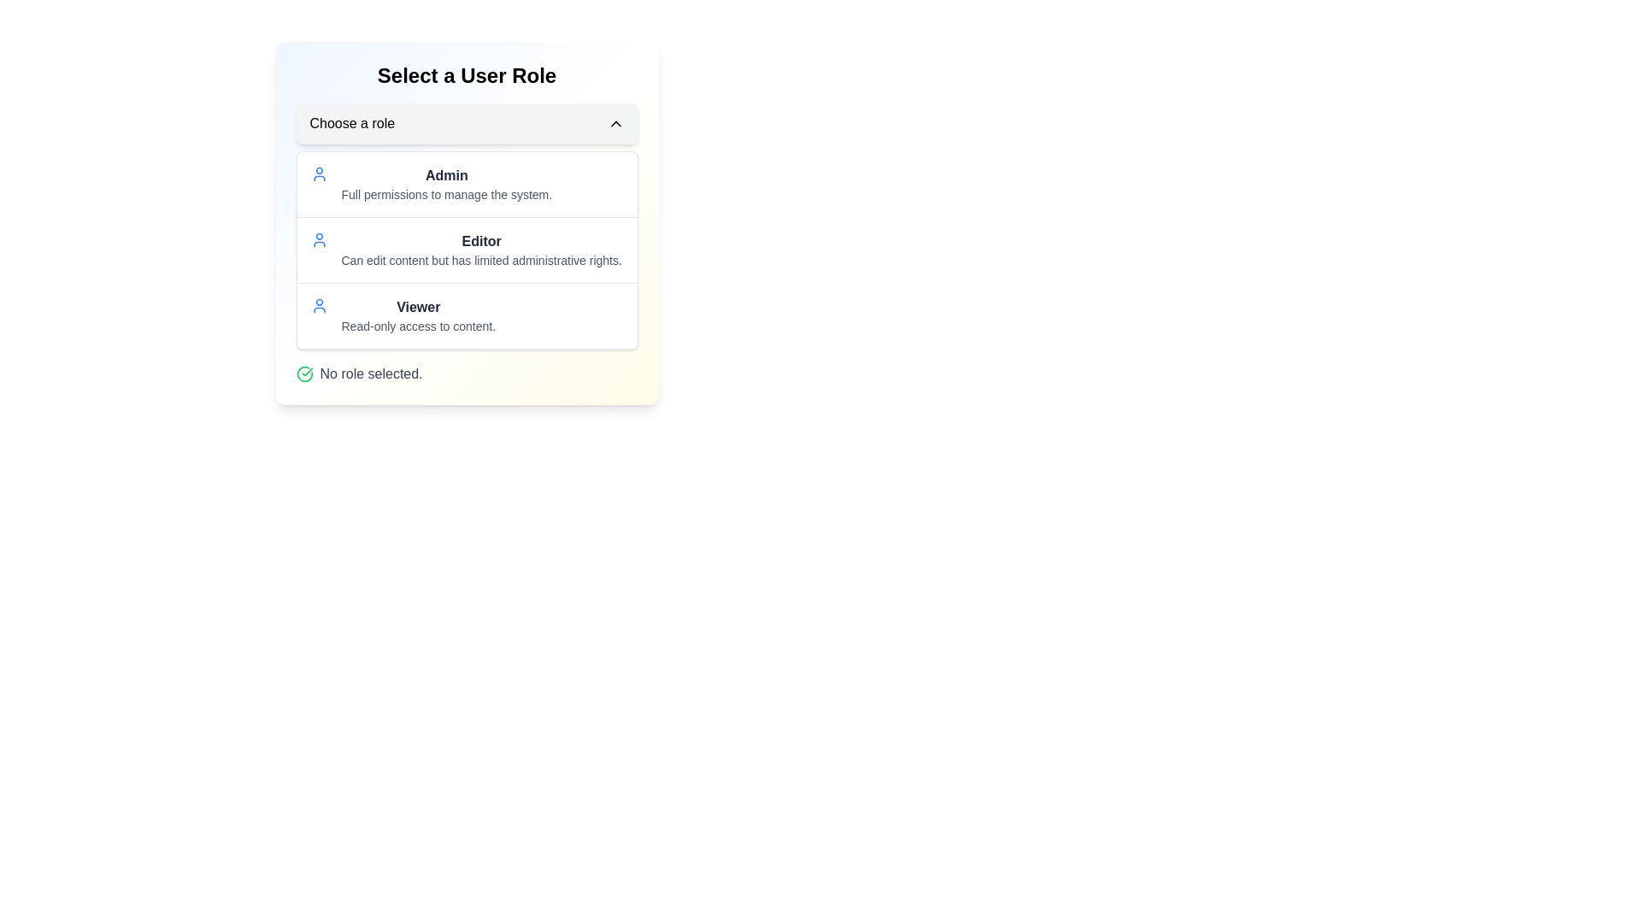 The height and width of the screenshot is (923, 1641). What do you see at coordinates (615, 123) in the screenshot?
I see `the upward-pointing chevron icon located at the far right of the 'Choose a role' dropdown menu` at bounding box center [615, 123].